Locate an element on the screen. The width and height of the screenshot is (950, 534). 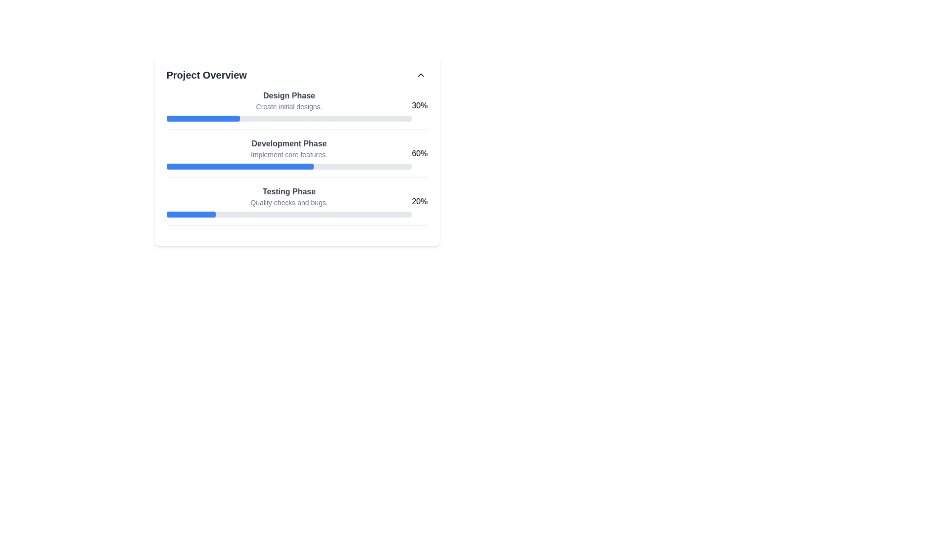
the state of the first segment of the progress bar, which is blue and represents 20% completion within the 'Testing Phase' section is located at coordinates (191, 214).